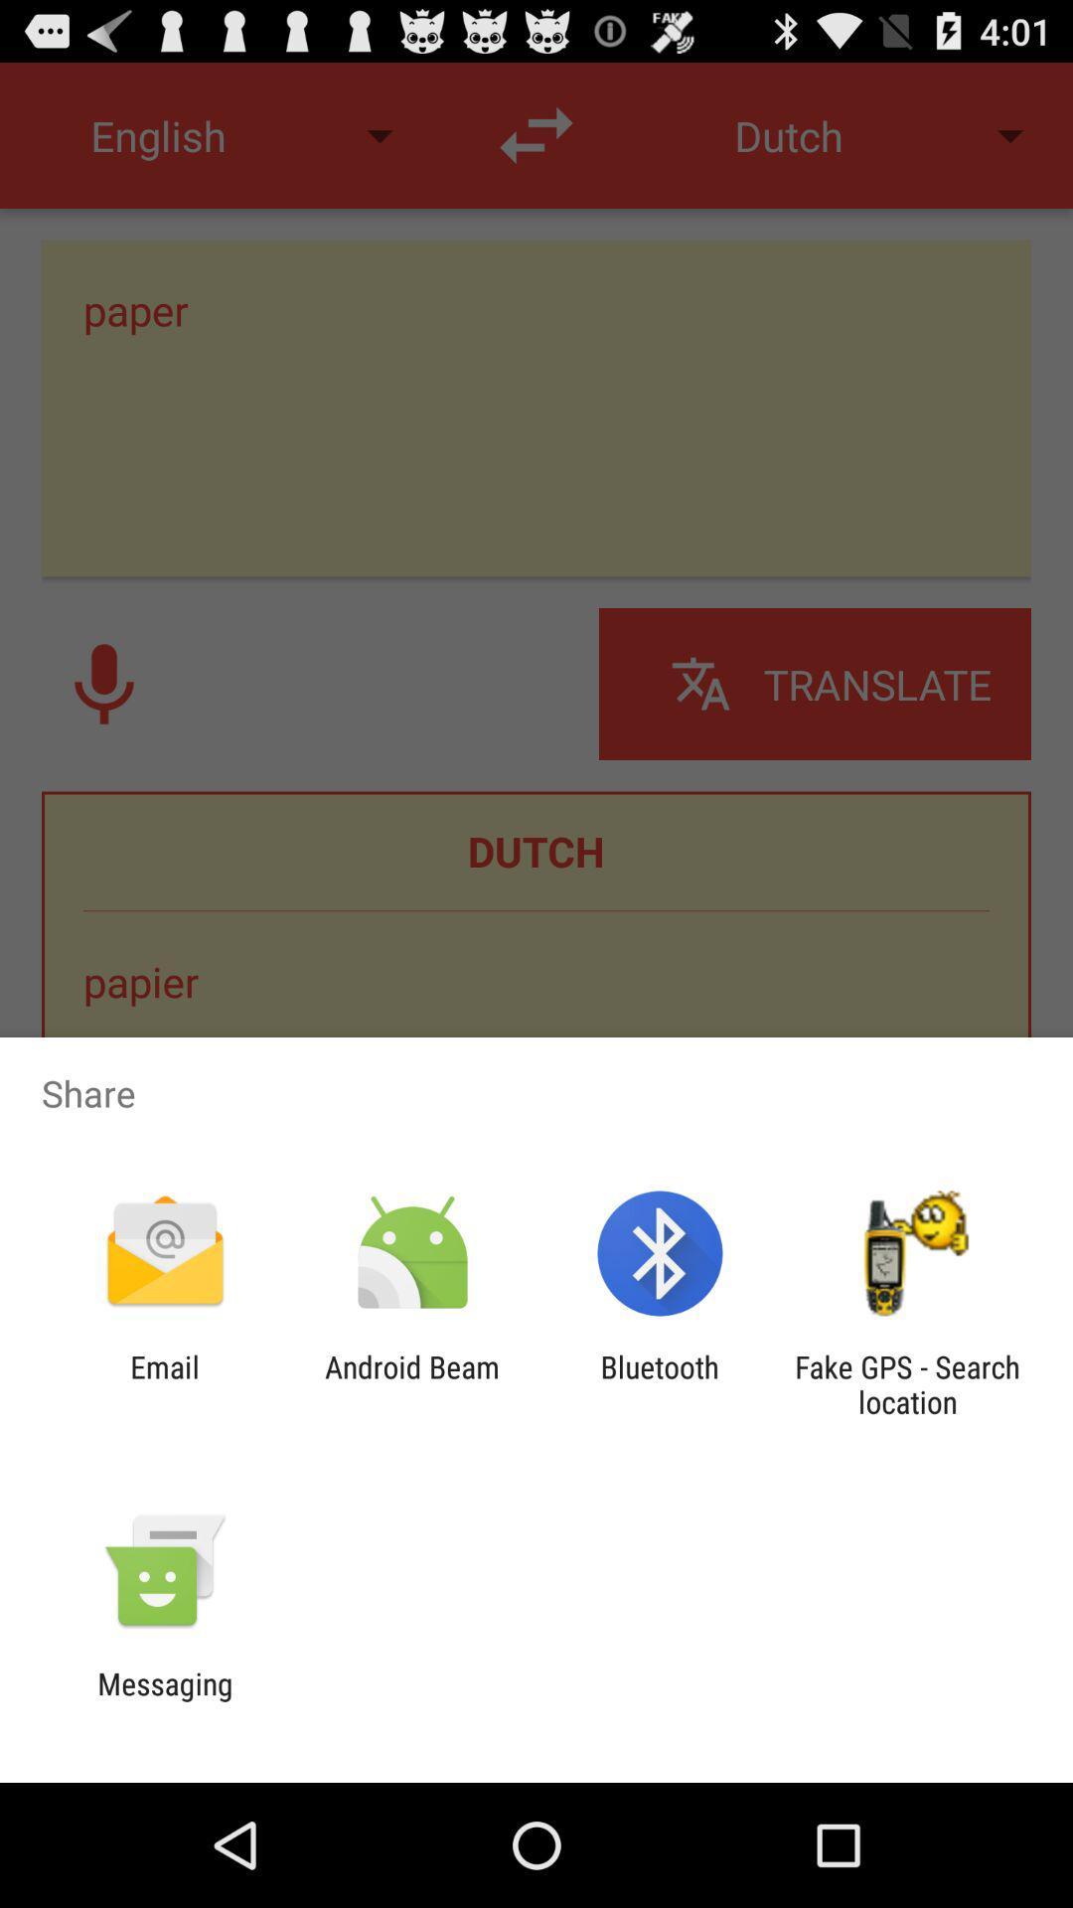 Image resolution: width=1073 pixels, height=1908 pixels. Describe the element at coordinates (660, 1383) in the screenshot. I see `the item next to fake gps search app` at that location.